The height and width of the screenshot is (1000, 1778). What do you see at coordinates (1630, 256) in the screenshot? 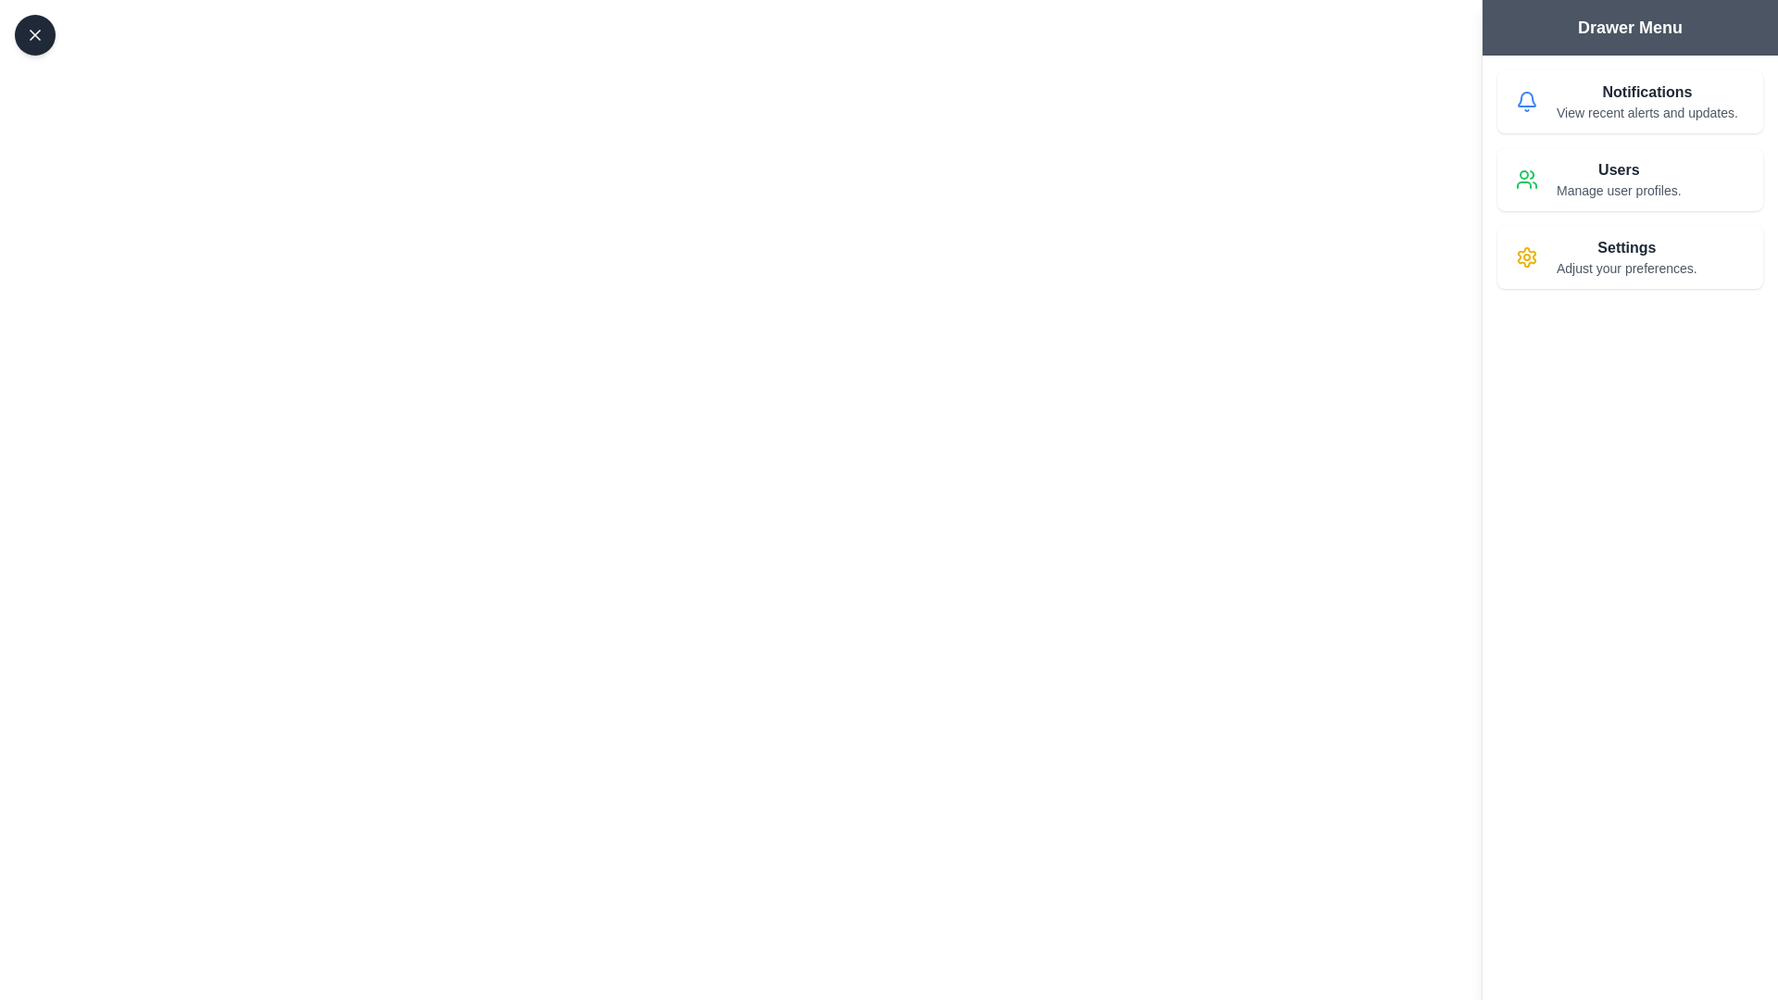
I see `the menu item Settings from the drawer menu` at bounding box center [1630, 256].